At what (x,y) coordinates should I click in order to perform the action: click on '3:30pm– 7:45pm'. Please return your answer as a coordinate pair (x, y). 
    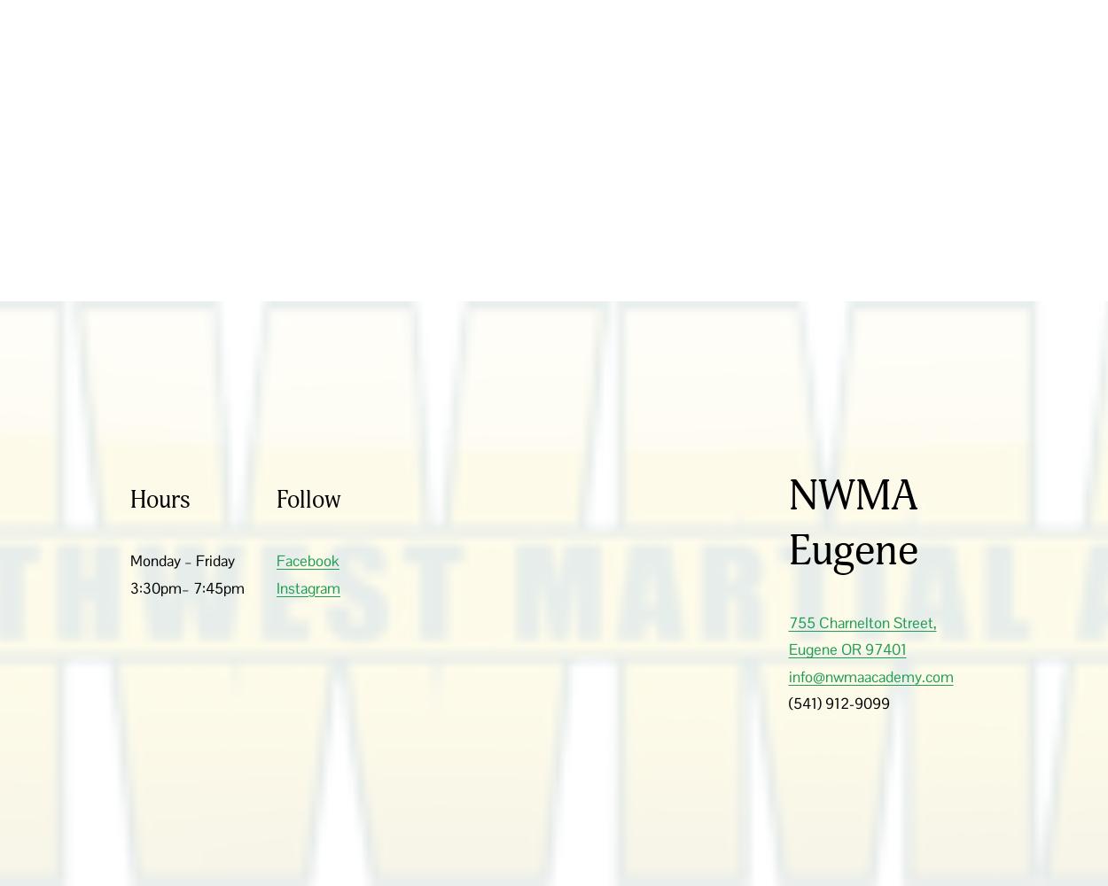
    Looking at the image, I should click on (186, 587).